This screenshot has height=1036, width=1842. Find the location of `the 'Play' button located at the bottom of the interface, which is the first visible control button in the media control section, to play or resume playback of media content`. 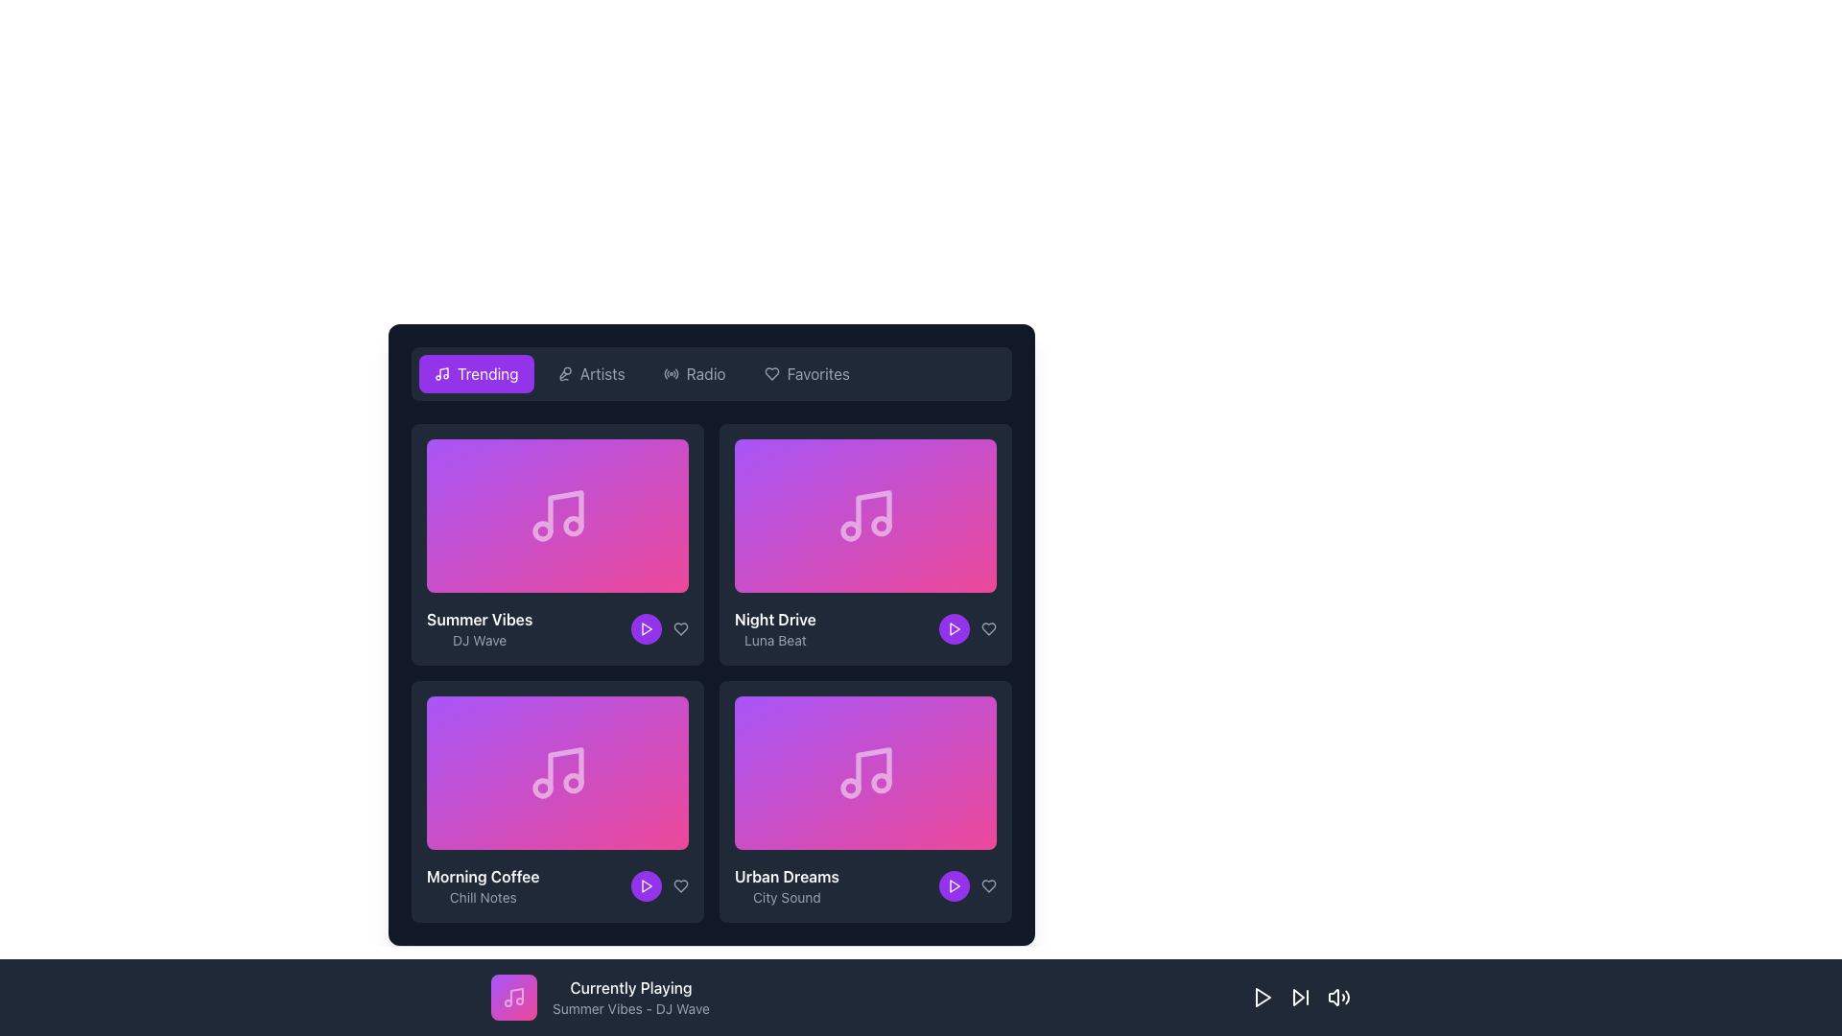

the 'Play' button located at the bottom of the interface, which is the first visible control button in the media control section, to play or resume playback of media content is located at coordinates (1262, 997).